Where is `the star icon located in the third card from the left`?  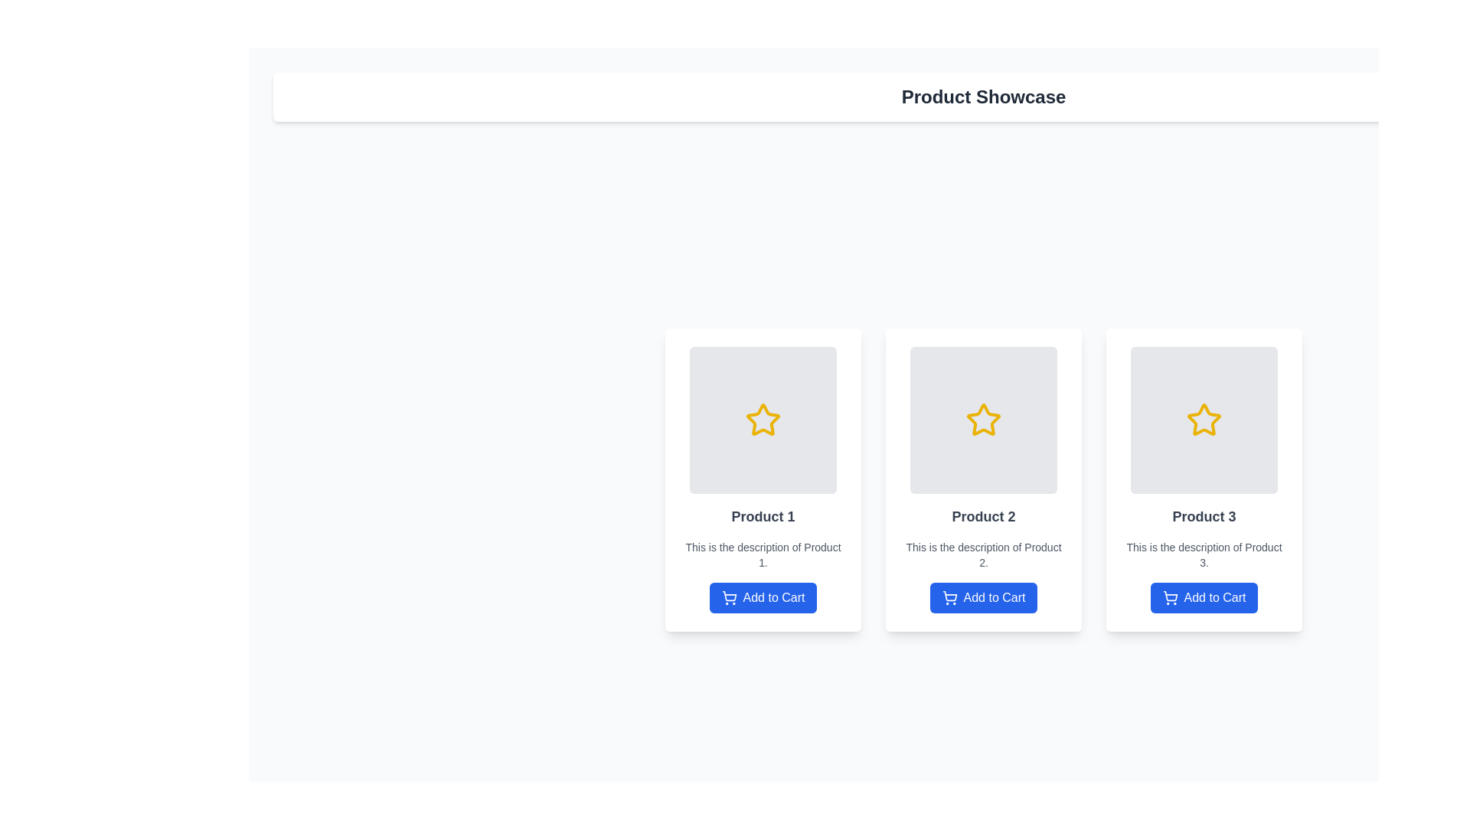 the star icon located in the third card from the left is located at coordinates (1204, 420).